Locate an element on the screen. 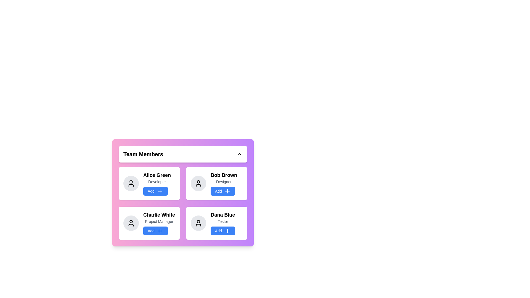 The image size is (530, 298). the icon representing the team member 'Bob Brown', who is a Designer, located in the second card of the 'Team Members' section is located at coordinates (198, 183).